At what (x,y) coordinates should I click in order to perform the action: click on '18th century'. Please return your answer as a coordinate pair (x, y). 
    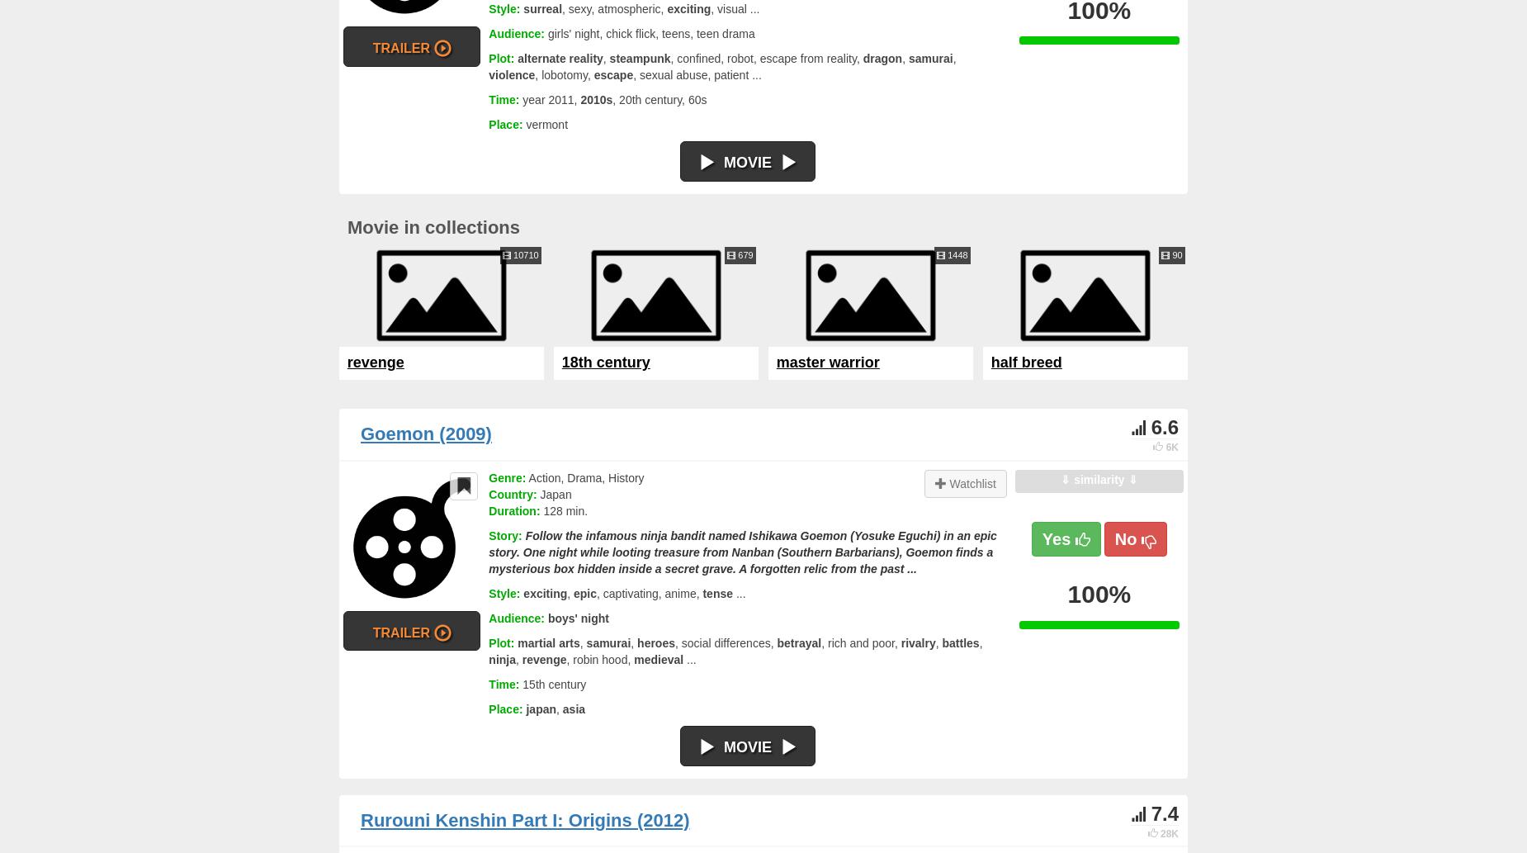
    Looking at the image, I should click on (605, 363).